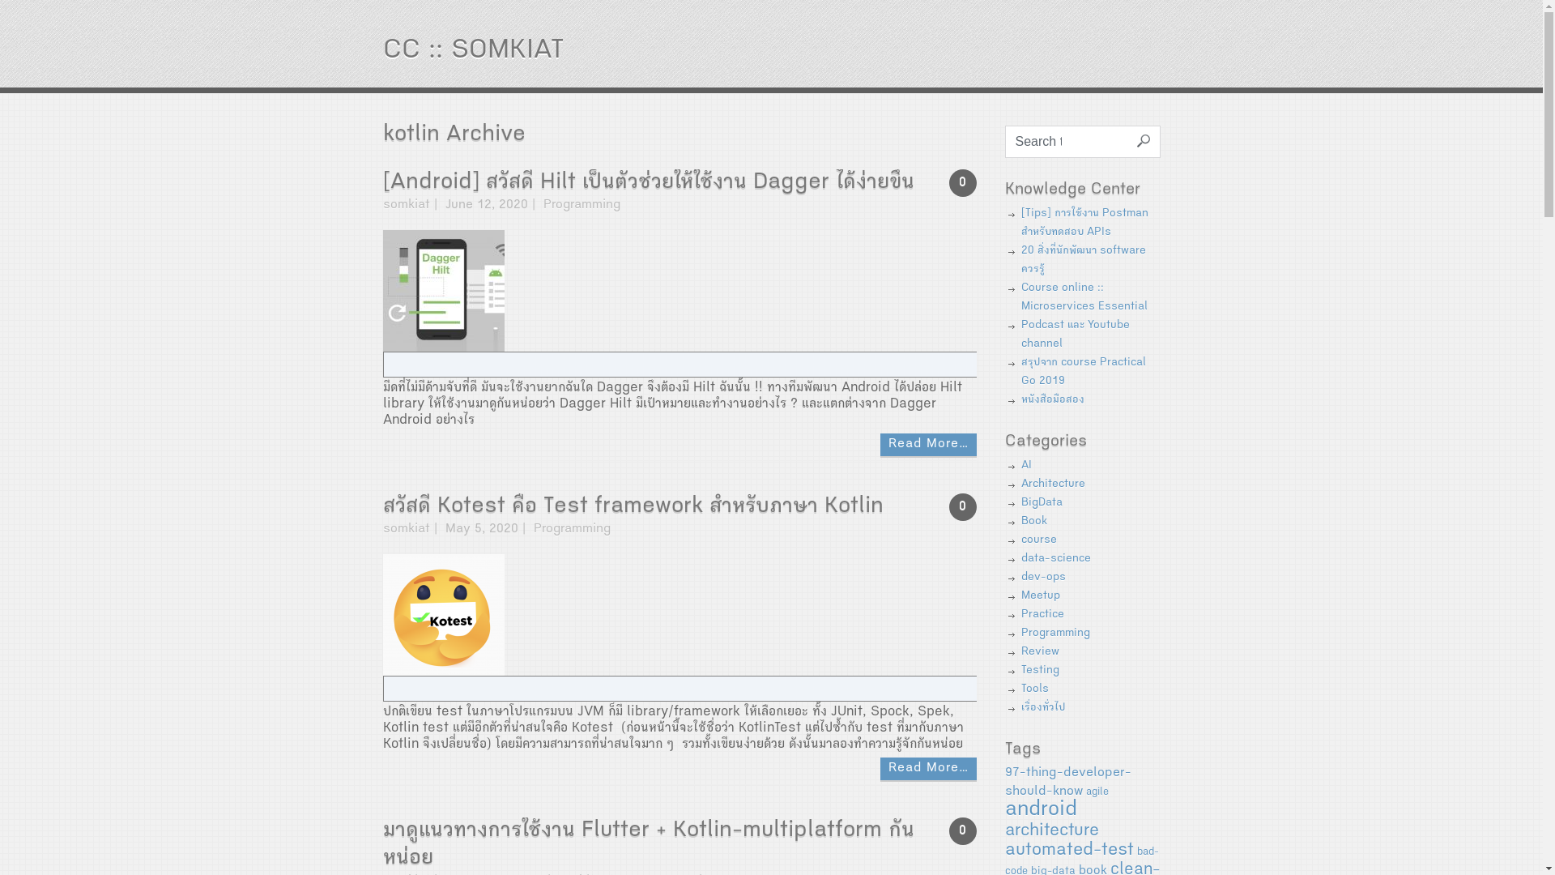 The height and width of the screenshot is (875, 1555). Describe the element at coordinates (532, 530) in the screenshot. I see `'Programming'` at that location.